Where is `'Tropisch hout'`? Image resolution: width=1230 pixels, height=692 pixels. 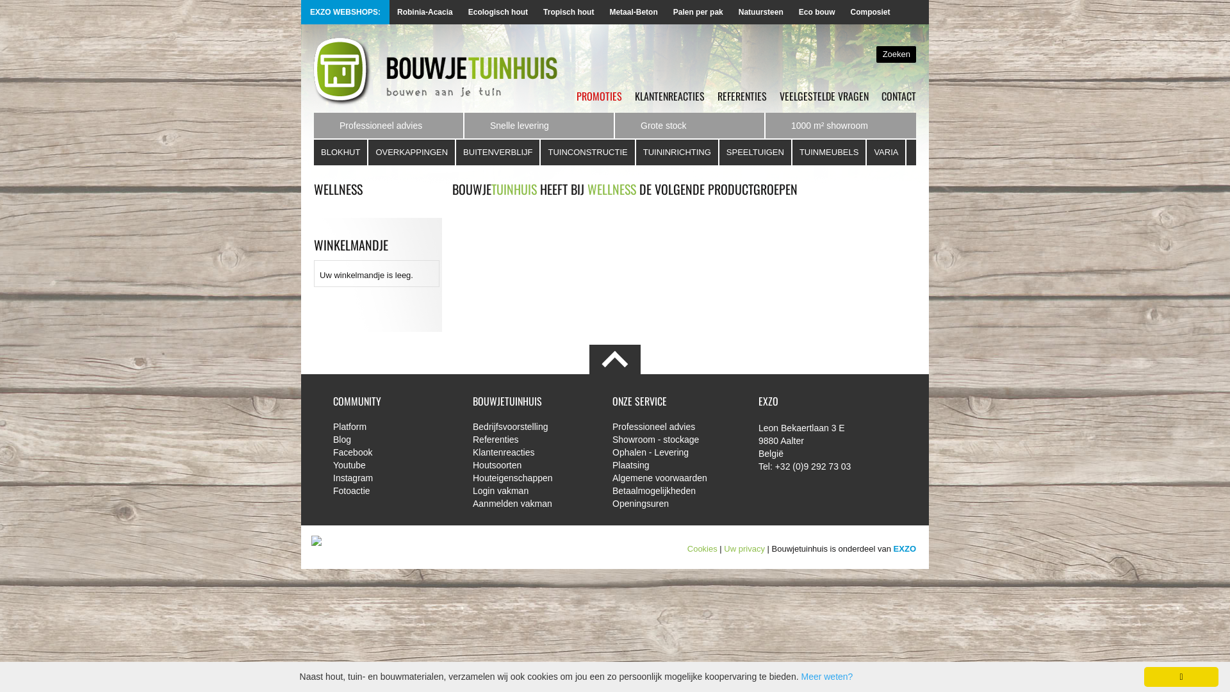
'Tropisch hout' is located at coordinates (568, 12).